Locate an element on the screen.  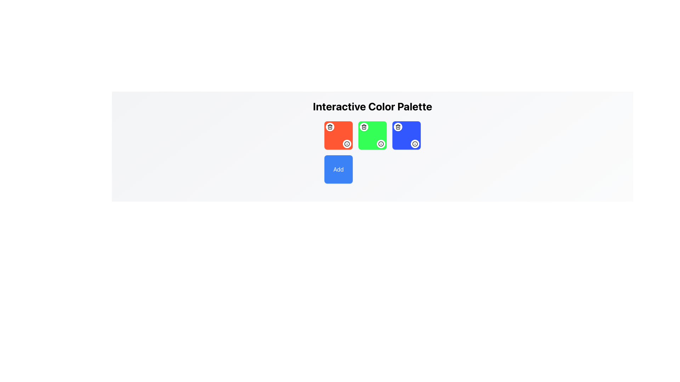
the small circular button with a white background and an 'i' icon located in the bottom-right corner of the blue tile to show information is located at coordinates (415, 144).